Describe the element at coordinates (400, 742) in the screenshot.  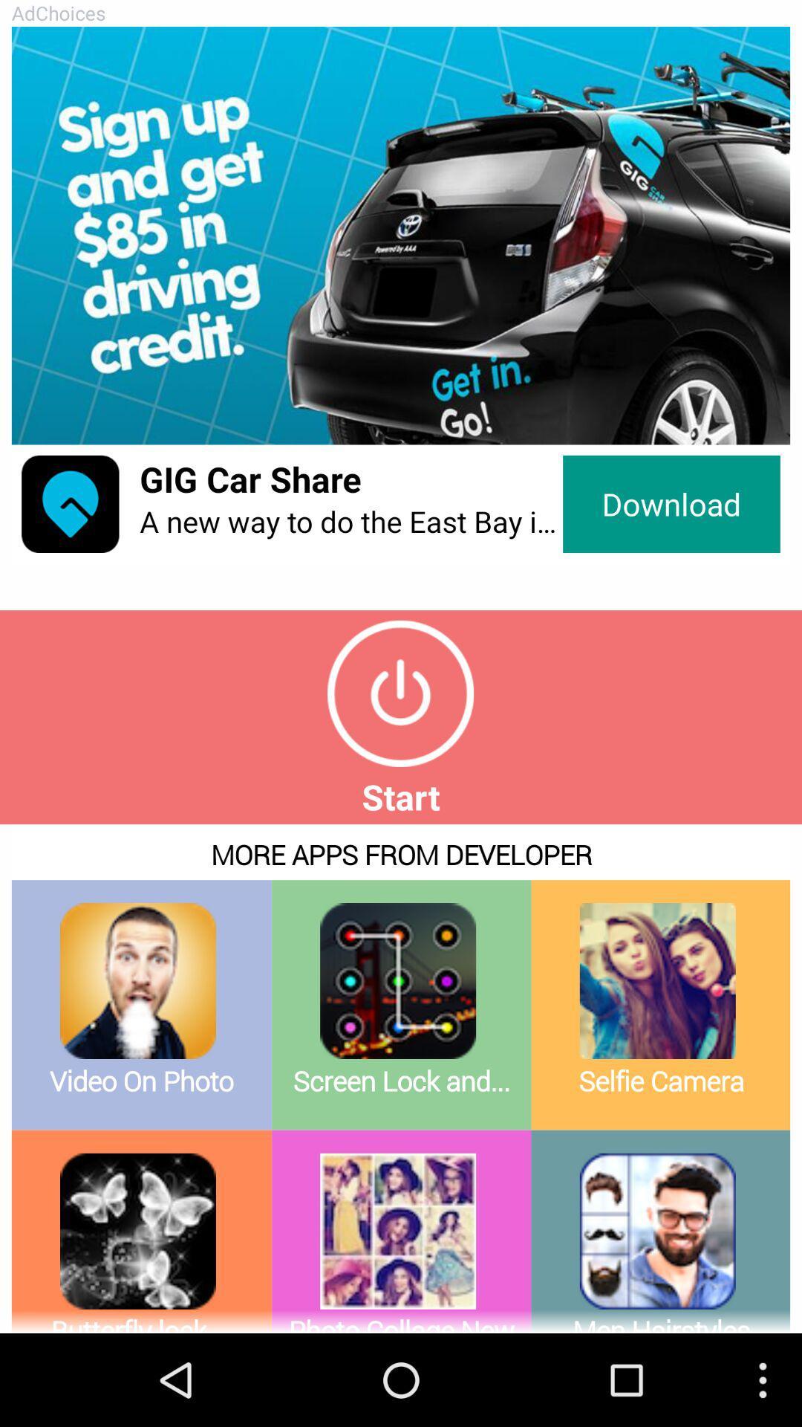
I see `the power icon` at that location.